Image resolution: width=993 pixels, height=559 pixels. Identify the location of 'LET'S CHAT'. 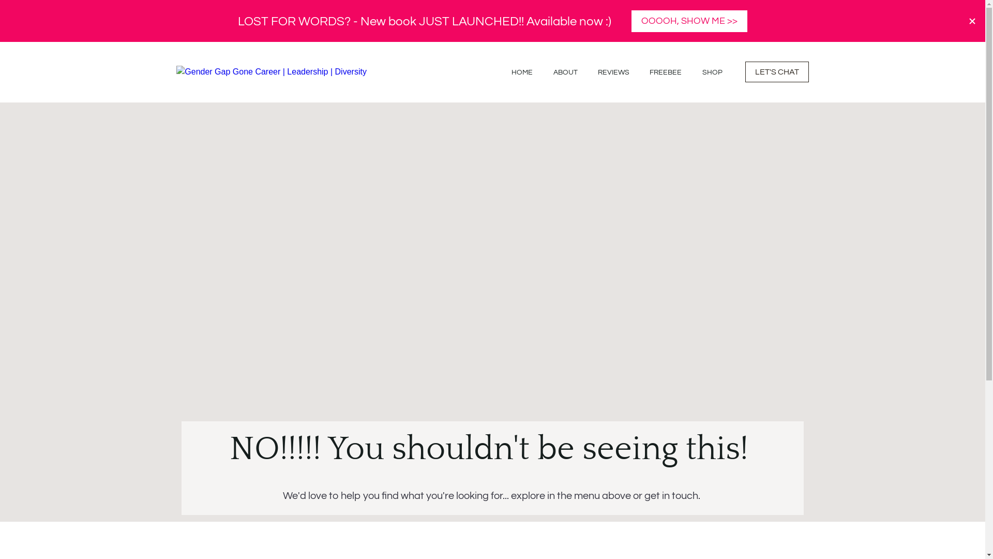
(745, 71).